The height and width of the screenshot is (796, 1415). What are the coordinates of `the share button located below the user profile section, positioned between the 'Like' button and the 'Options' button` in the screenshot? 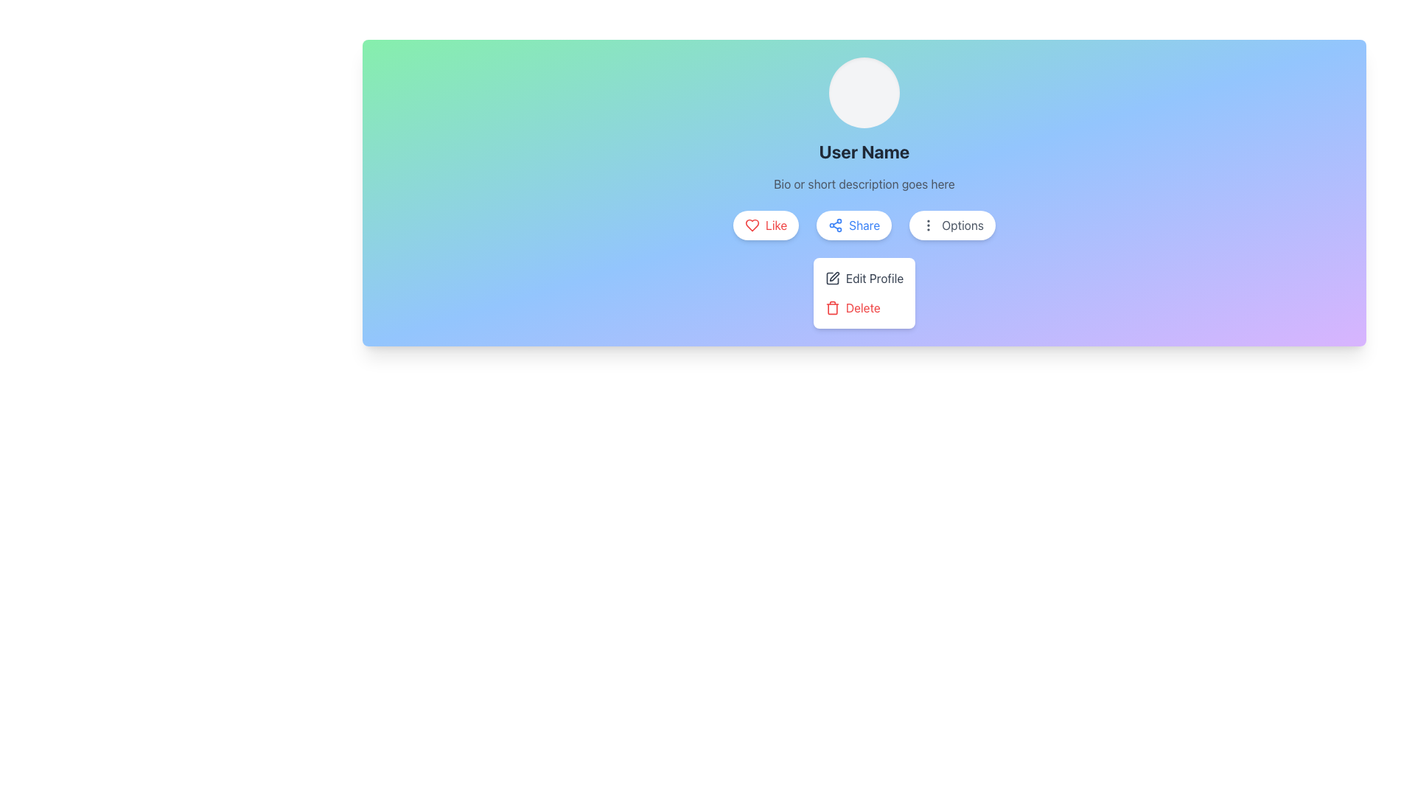 It's located at (854, 225).